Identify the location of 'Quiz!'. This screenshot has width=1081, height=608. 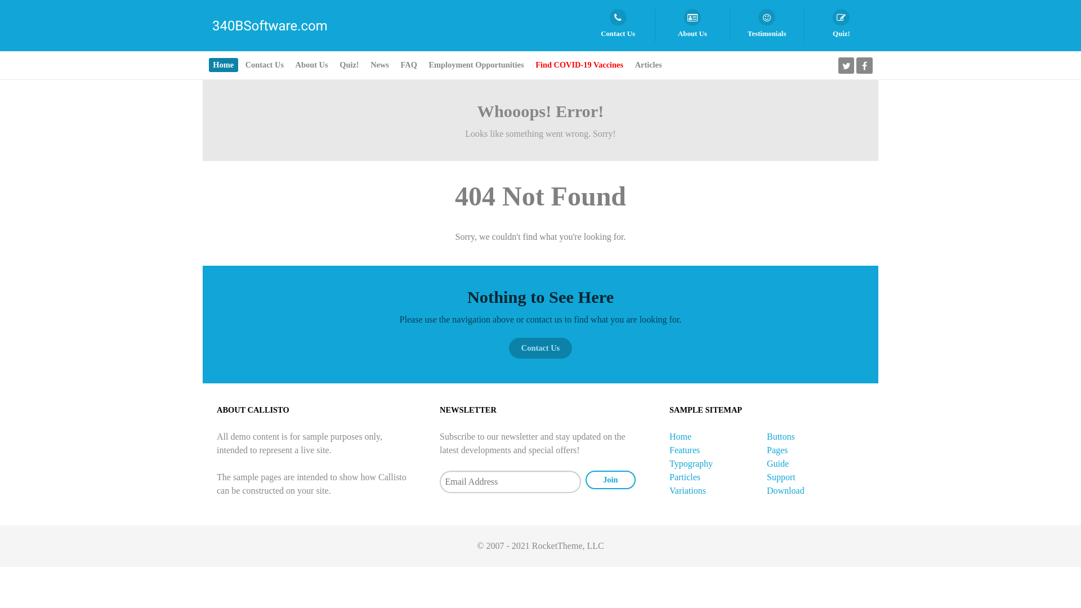
(841, 25).